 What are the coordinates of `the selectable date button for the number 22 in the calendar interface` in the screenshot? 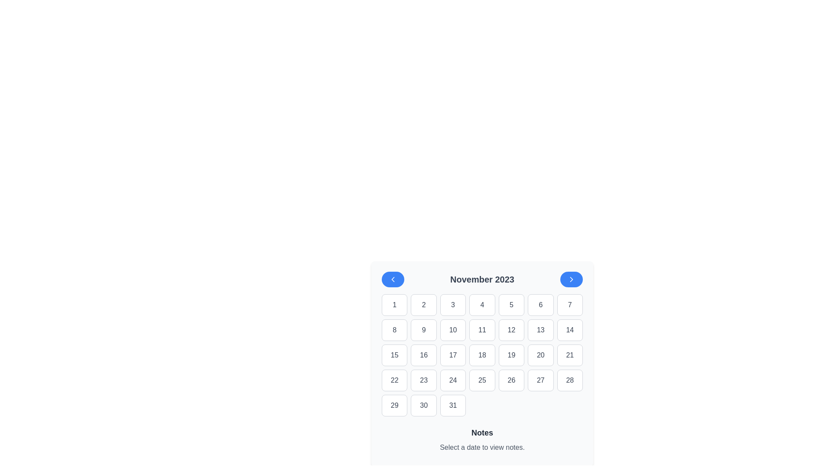 It's located at (394, 380).